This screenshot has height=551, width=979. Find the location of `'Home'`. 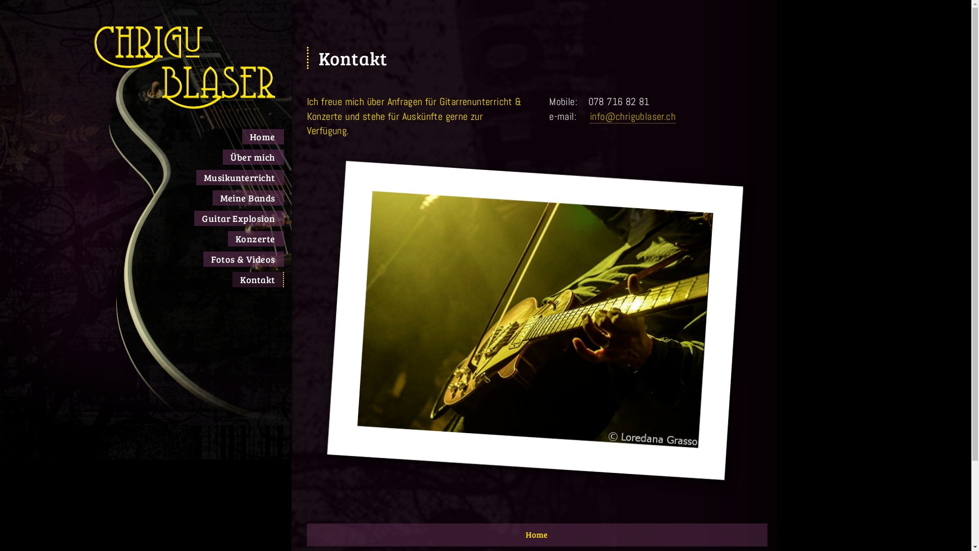

'Home' is located at coordinates (536, 534).